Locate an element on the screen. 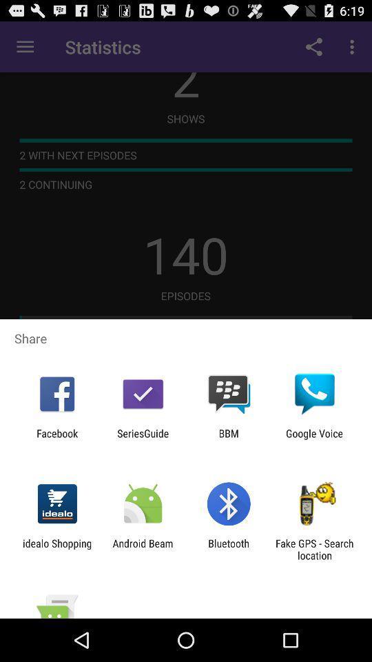 The height and width of the screenshot is (662, 372). app next to seriesguide icon is located at coordinates (56, 439).